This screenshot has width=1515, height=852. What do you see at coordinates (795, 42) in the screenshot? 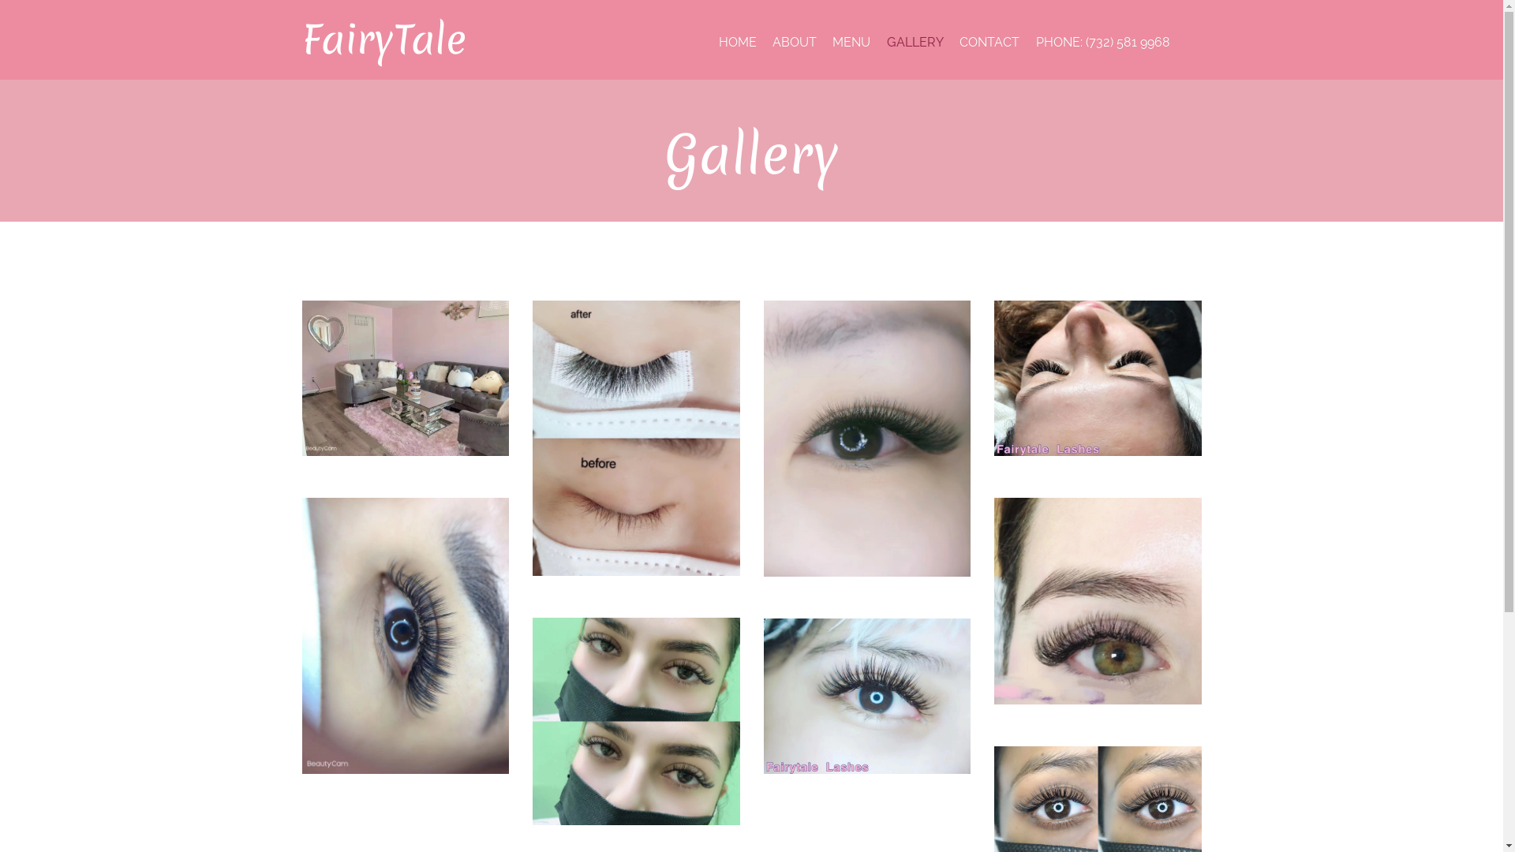
I see `'ABOUT'` at bounding box center [795, 42].